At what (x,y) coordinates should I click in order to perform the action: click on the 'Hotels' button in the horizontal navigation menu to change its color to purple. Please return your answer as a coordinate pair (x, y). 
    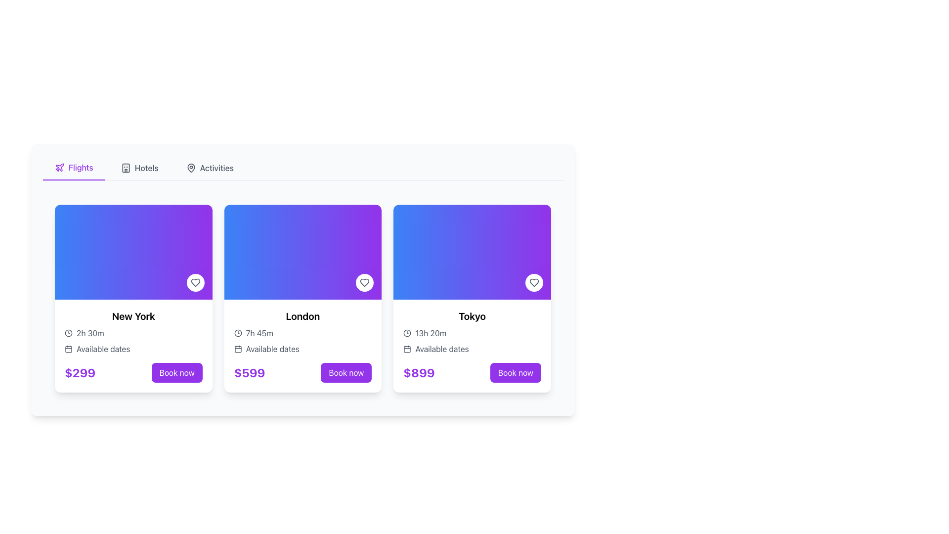
    Looking at the image, I should click on (139, 167).